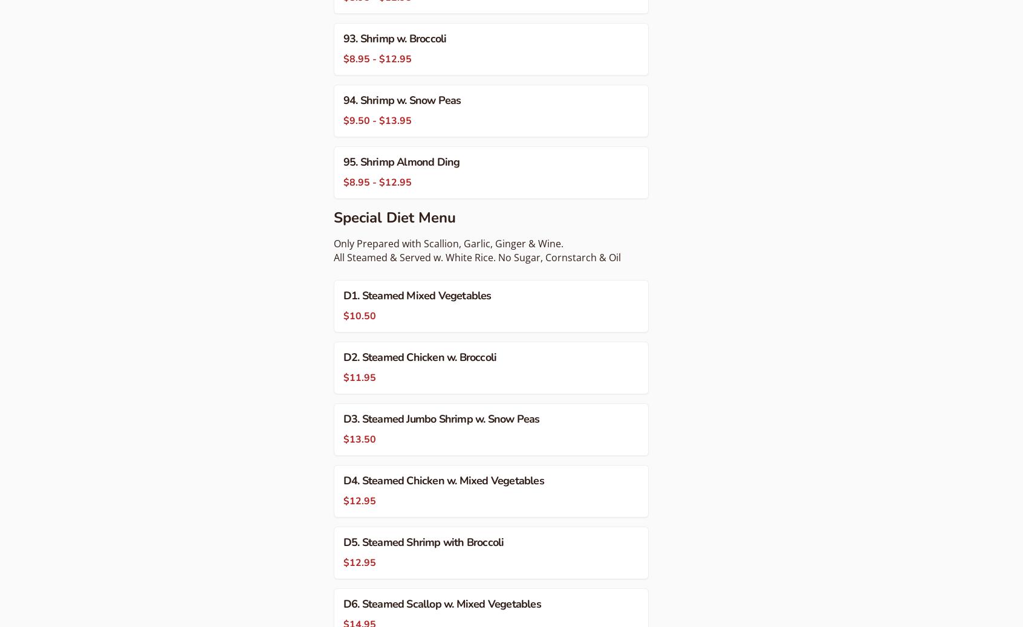 The image size is (1023, 627). What do you see at coordinates (343, 480) in the screenshot?
I see `'D4.  Steamed Chicken w. Mixed Vegetables'` at bounding box center [343, 480].